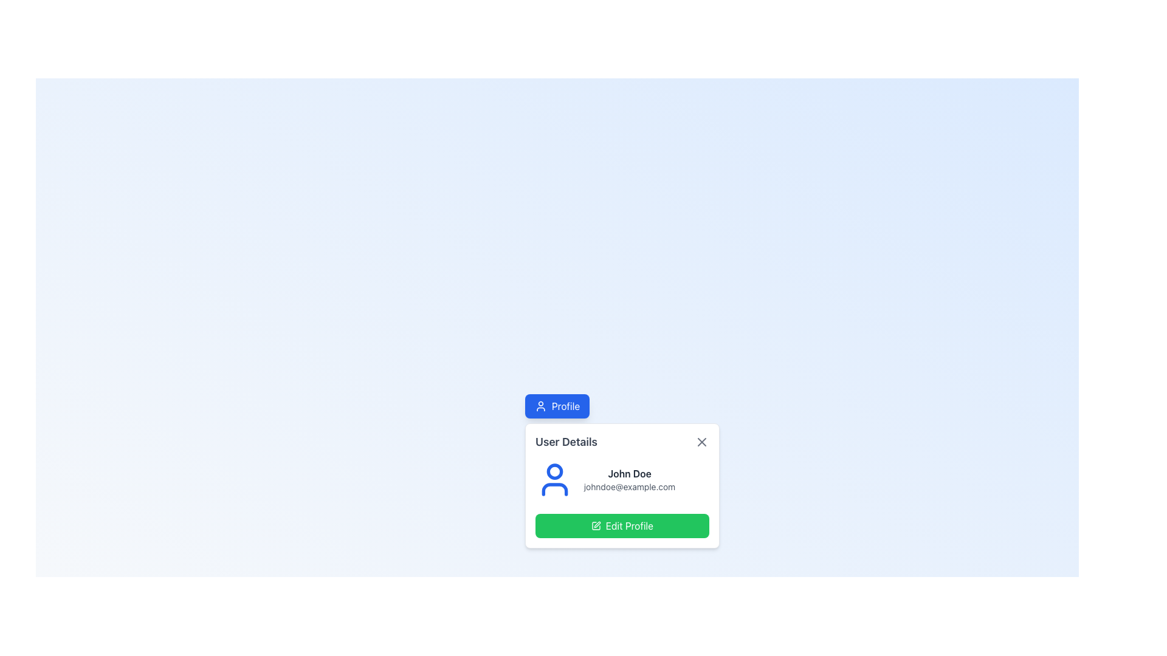 The width and height of the screenshot is (1167, 656). What do you see at coordinates (556, 406) in the screenshot?
I see `the user profile button located at the top-center of the card-like UI component above the 'User Details' section` at bounding box center [556, 406].